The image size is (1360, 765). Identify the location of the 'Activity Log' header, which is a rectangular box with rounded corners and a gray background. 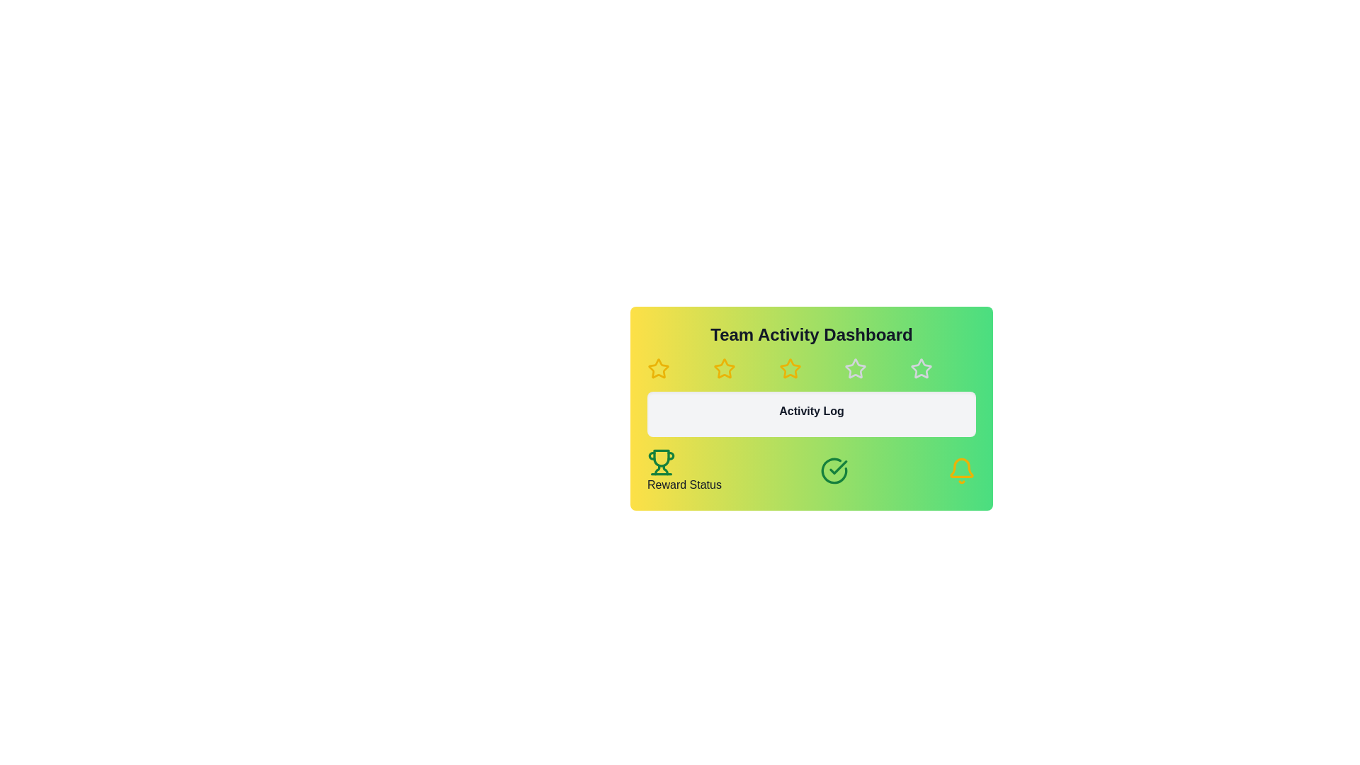
(812, 414).